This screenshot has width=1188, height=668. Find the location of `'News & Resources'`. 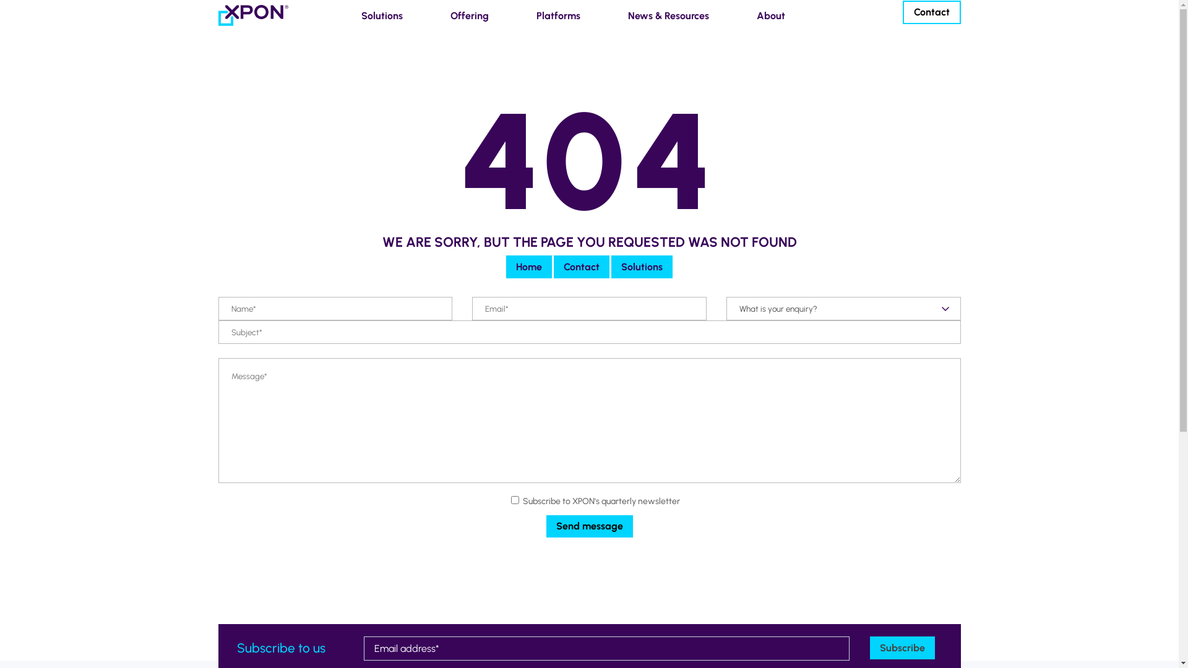

'News & Resources' is located at coordinates (664, 15).